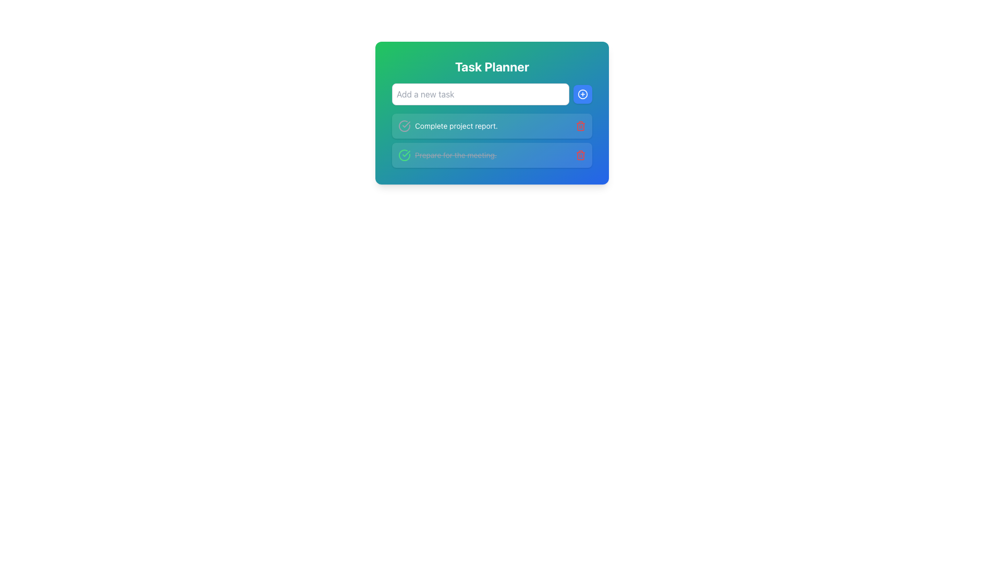  I want to click on the text label styled for completed task items, which is the second item in a vertical task list, so click(447, 155).